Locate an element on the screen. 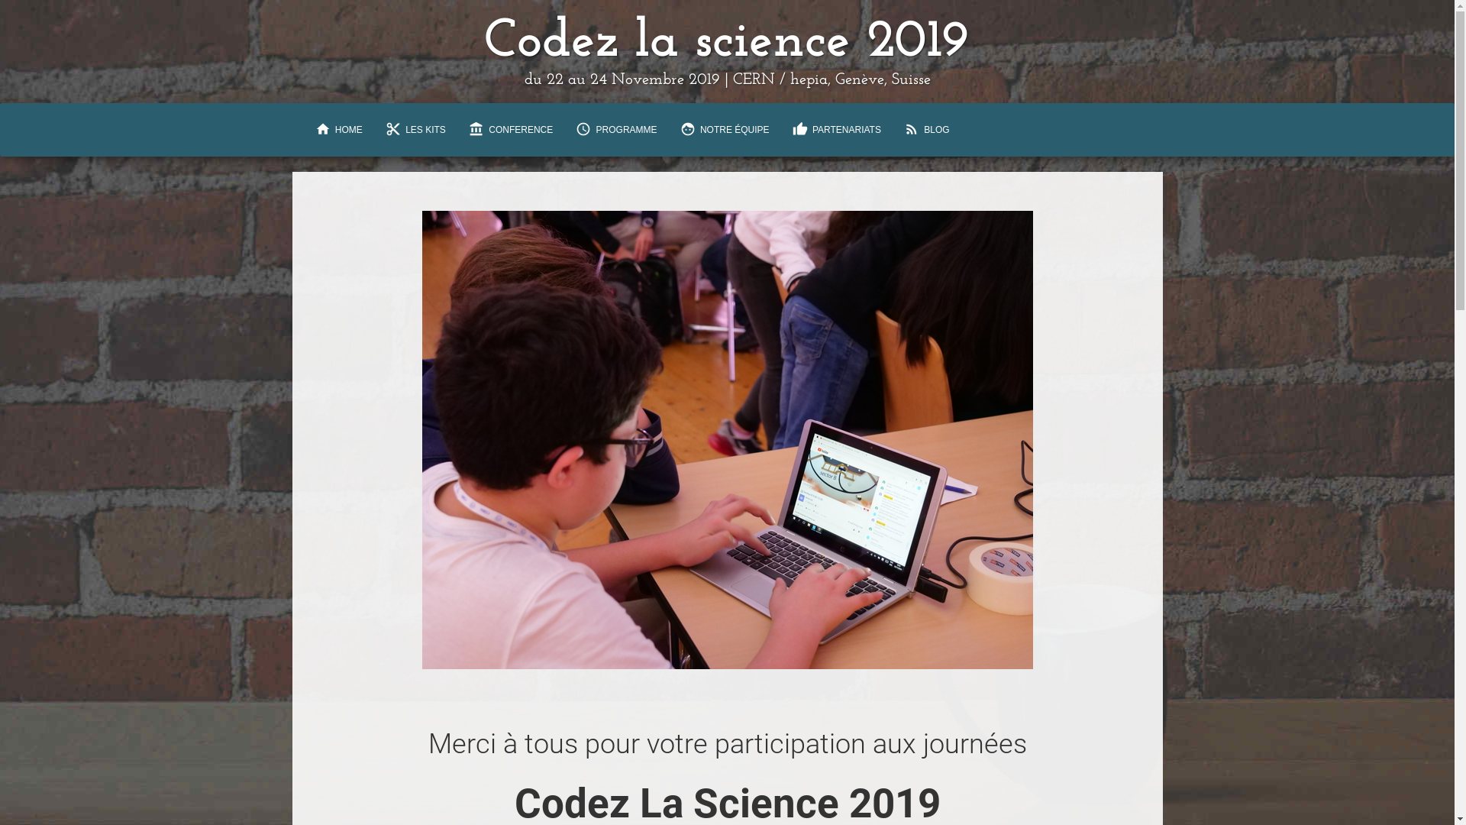  'schedule PROGRAMME' is located at coordinates (615, 128).